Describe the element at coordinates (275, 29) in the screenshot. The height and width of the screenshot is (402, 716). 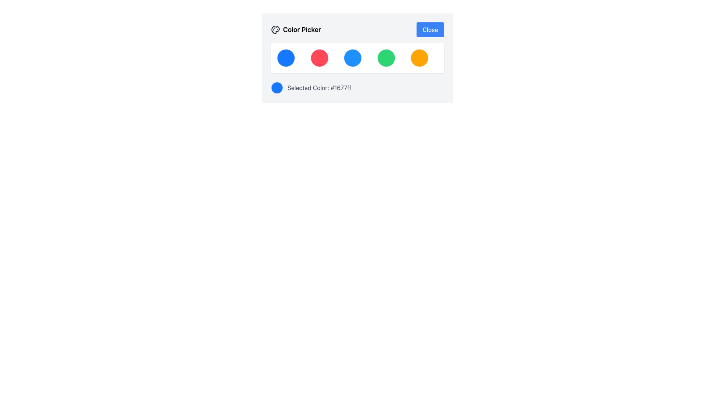
I see `the color selection icon located at the top-left corner of the 'Color Picker' section, which serves as a visual clue for the 'Color Picker' functionality` at that location.